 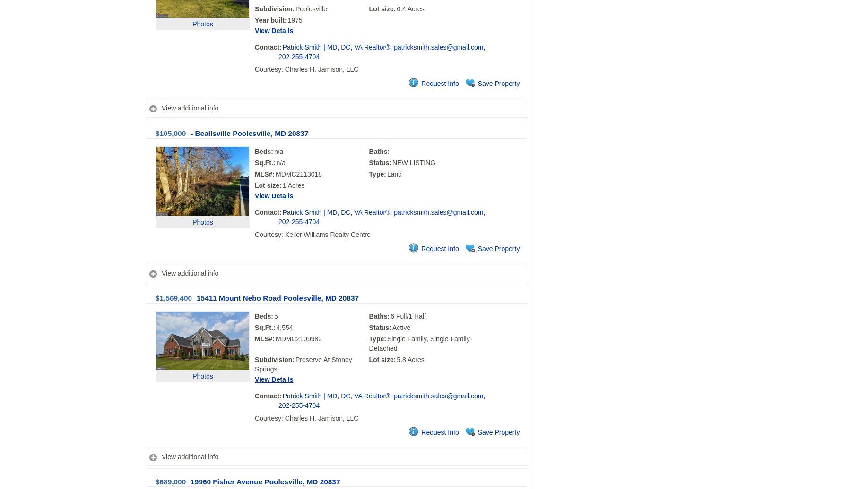 I want to click on 'Active', so click(x=401, y=327).